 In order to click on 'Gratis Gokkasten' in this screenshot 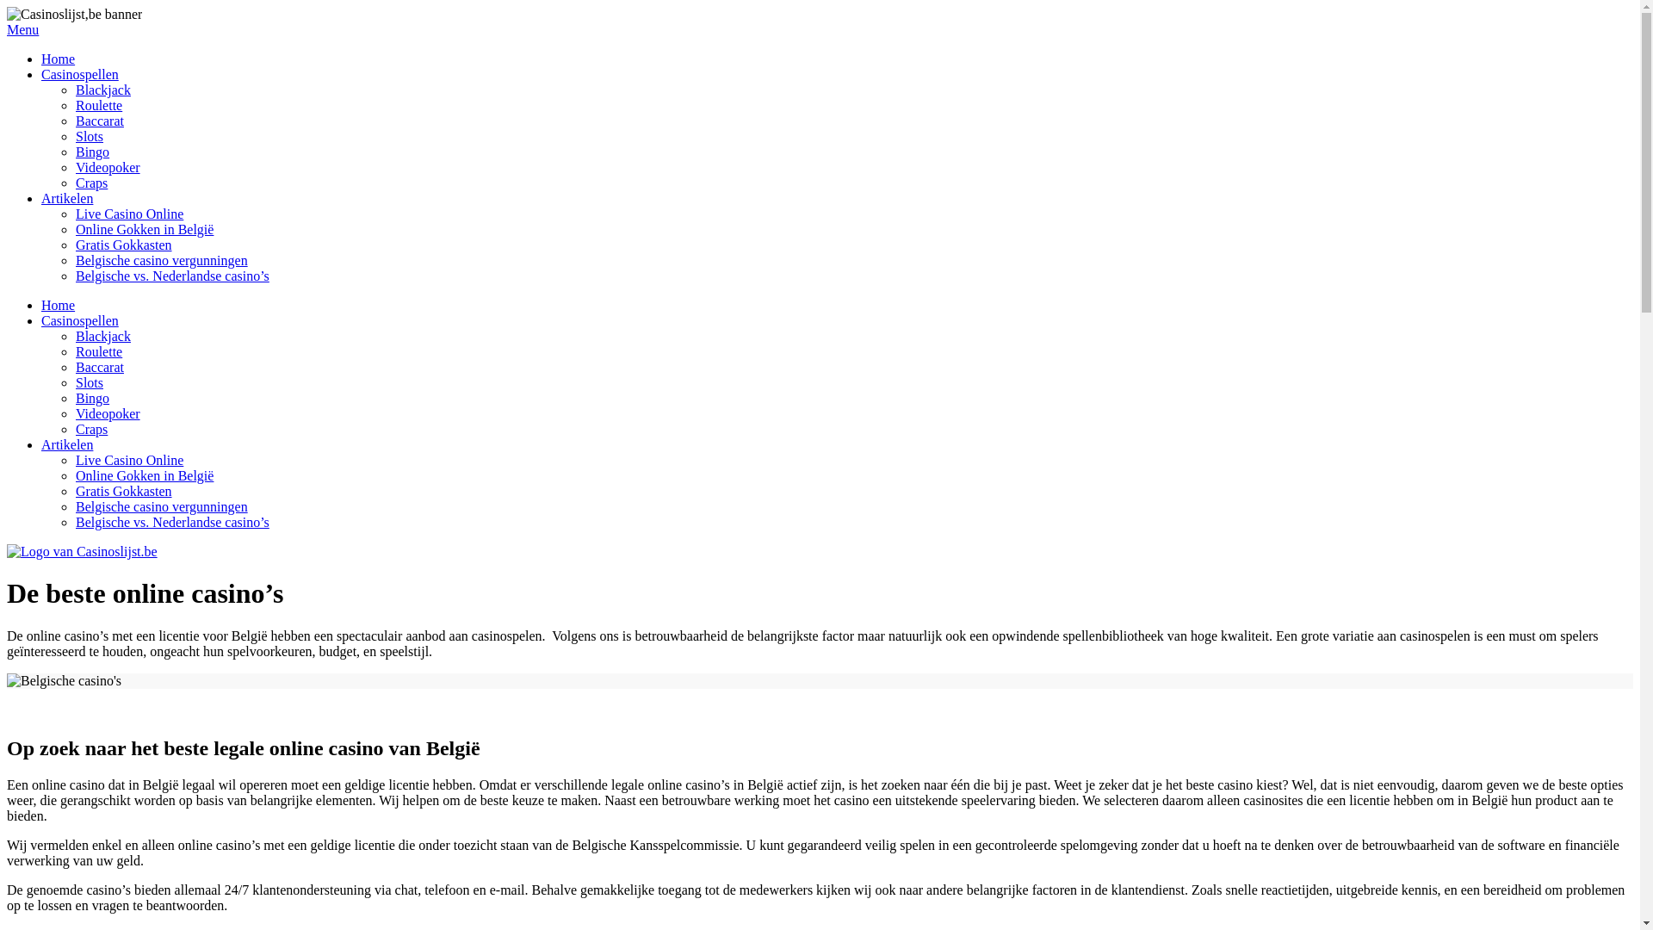, I will do `click(123, 245)`.